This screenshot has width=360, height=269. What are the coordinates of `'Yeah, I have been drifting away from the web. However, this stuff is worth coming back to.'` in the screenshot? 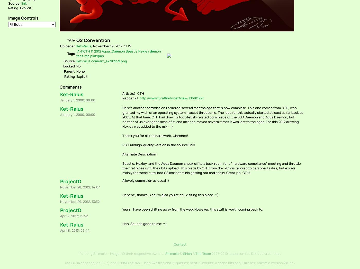 It's located at (122, 209).